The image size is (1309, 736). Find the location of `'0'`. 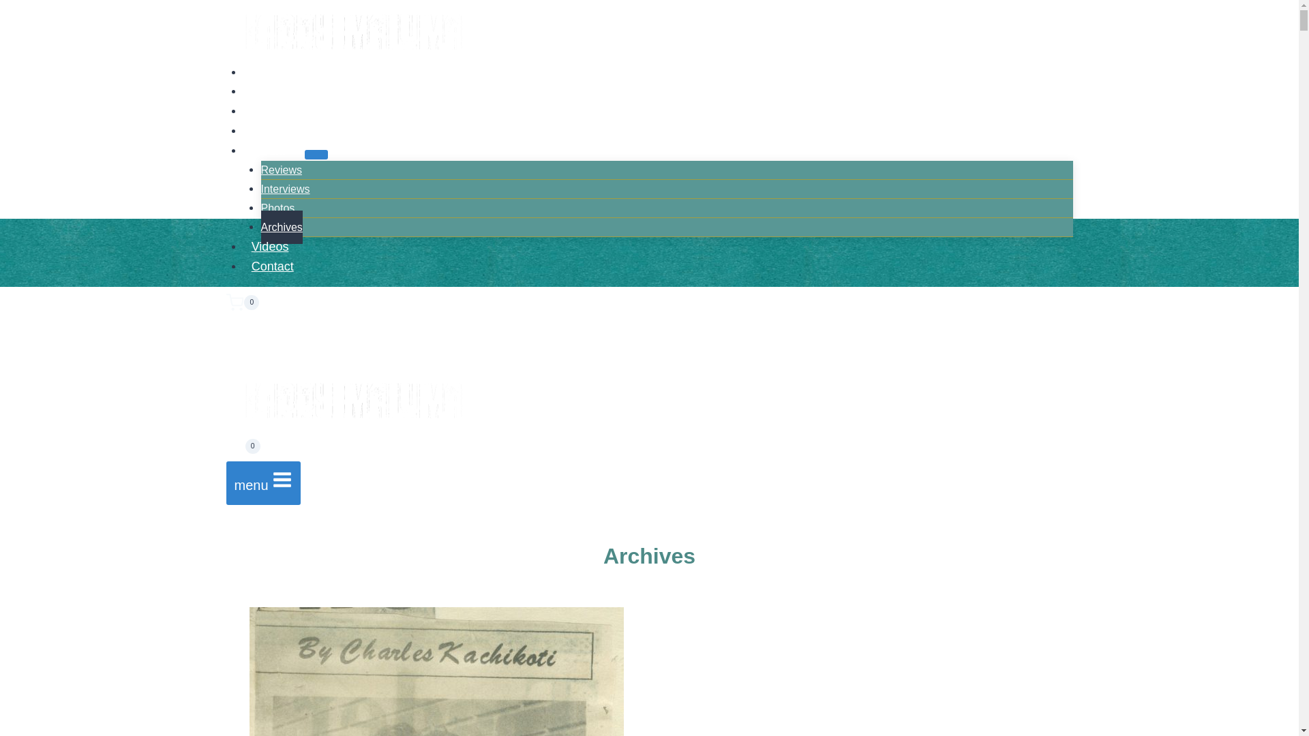

'0' is located at coordinates (649, 301).